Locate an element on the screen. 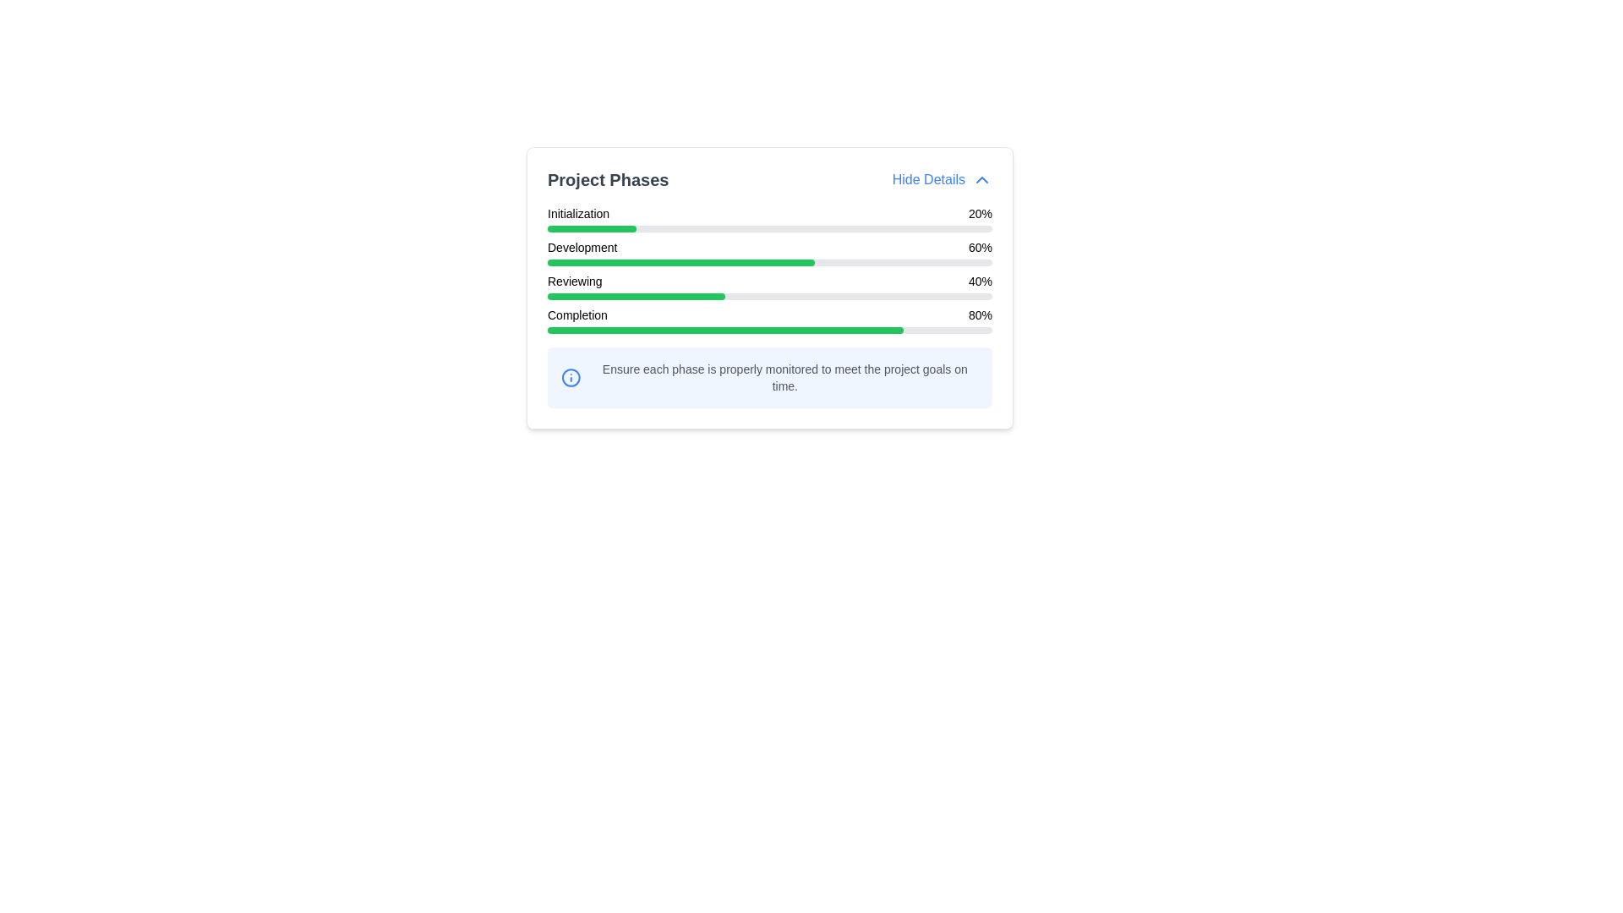 This screenshot has width=1623, height=913. the progress bar indicating the 'Initialization' phase, which is the first of four indicators in the 'Project Phases' box is located at coordinates (769, 217).